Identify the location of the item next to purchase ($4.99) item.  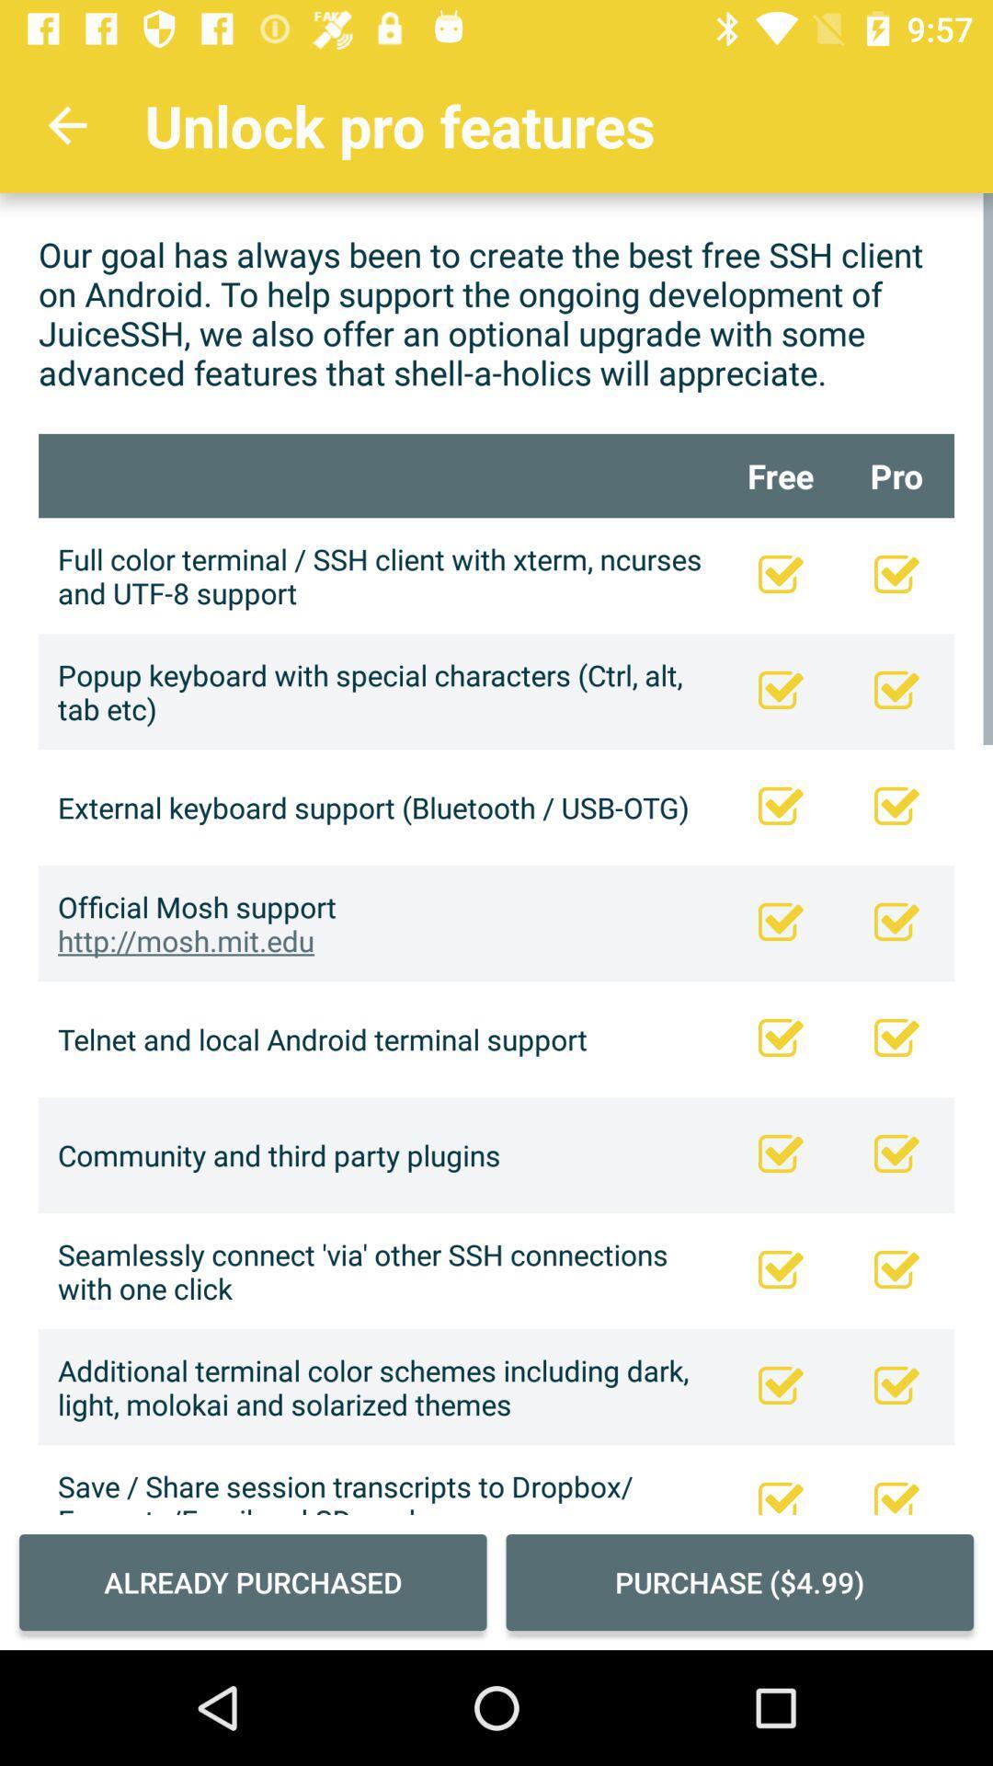
(253, 1581).